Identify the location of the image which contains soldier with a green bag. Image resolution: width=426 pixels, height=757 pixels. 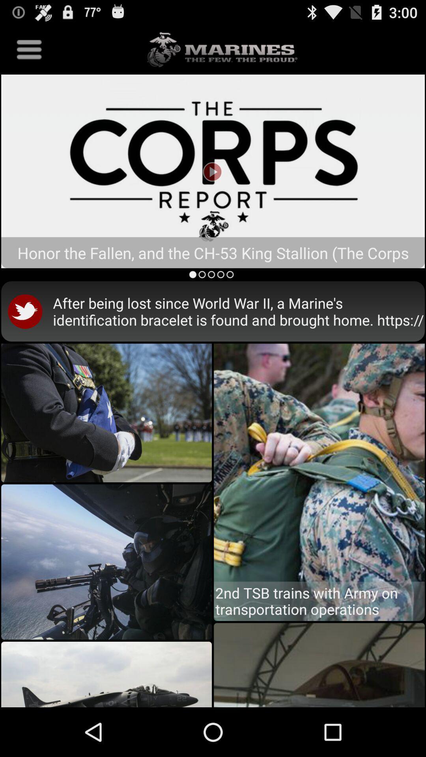
(319, 470).